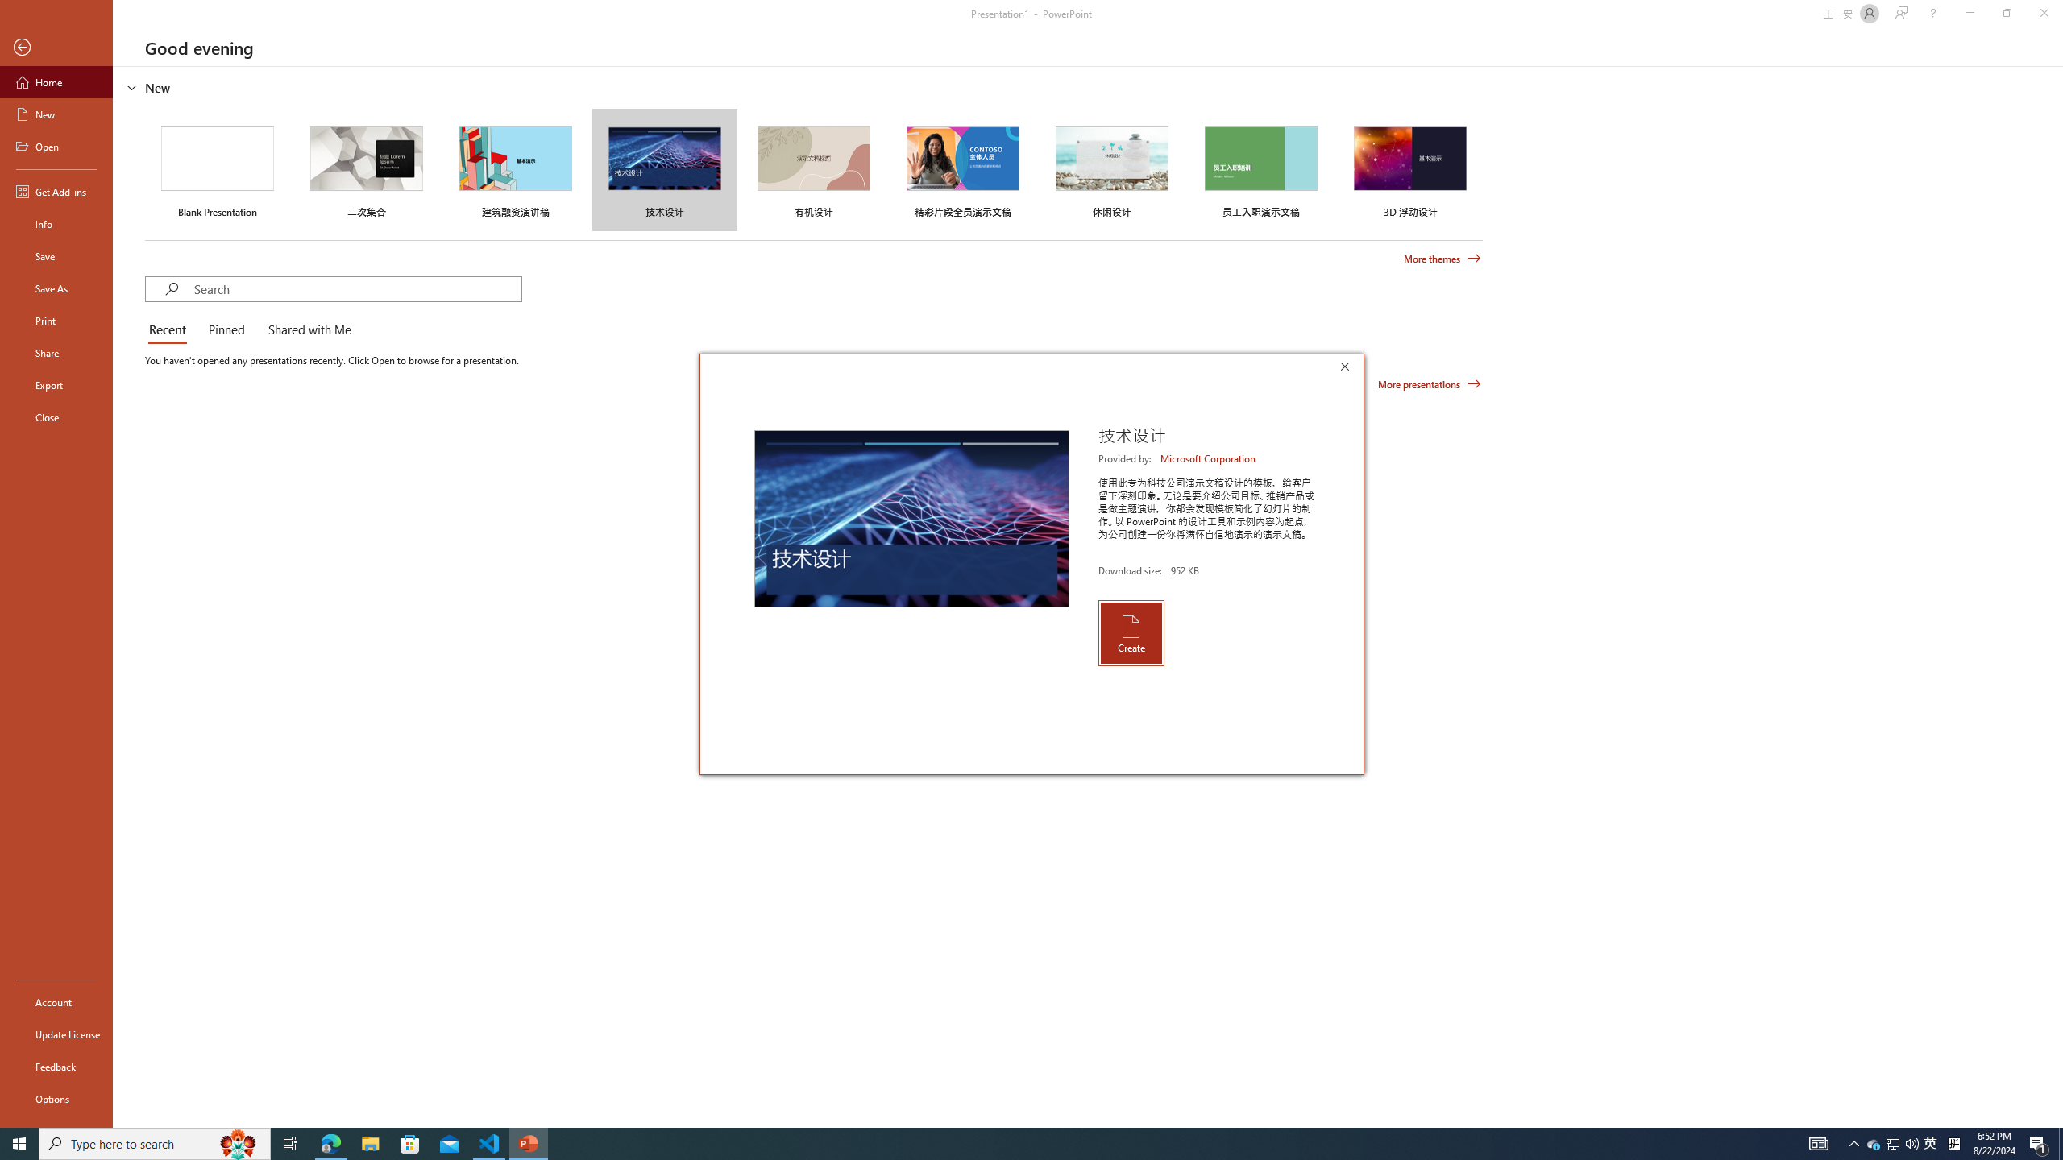  I want to click on 'More presentations', so click(1429, 383).